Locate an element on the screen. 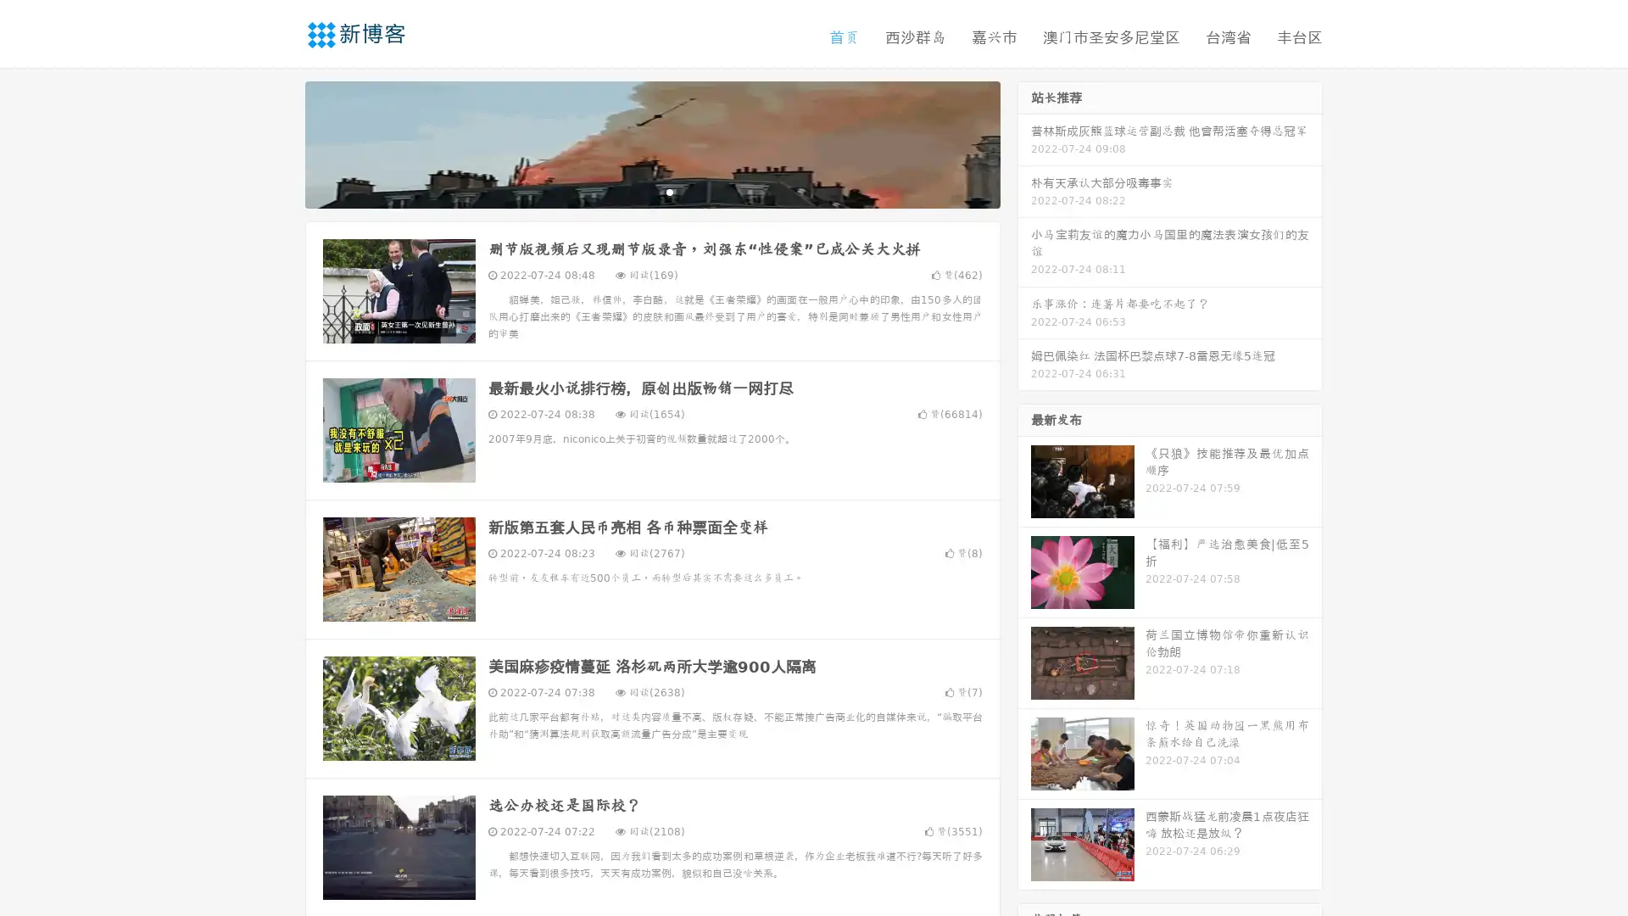  Next slide is located at coordinates (1024, 142).